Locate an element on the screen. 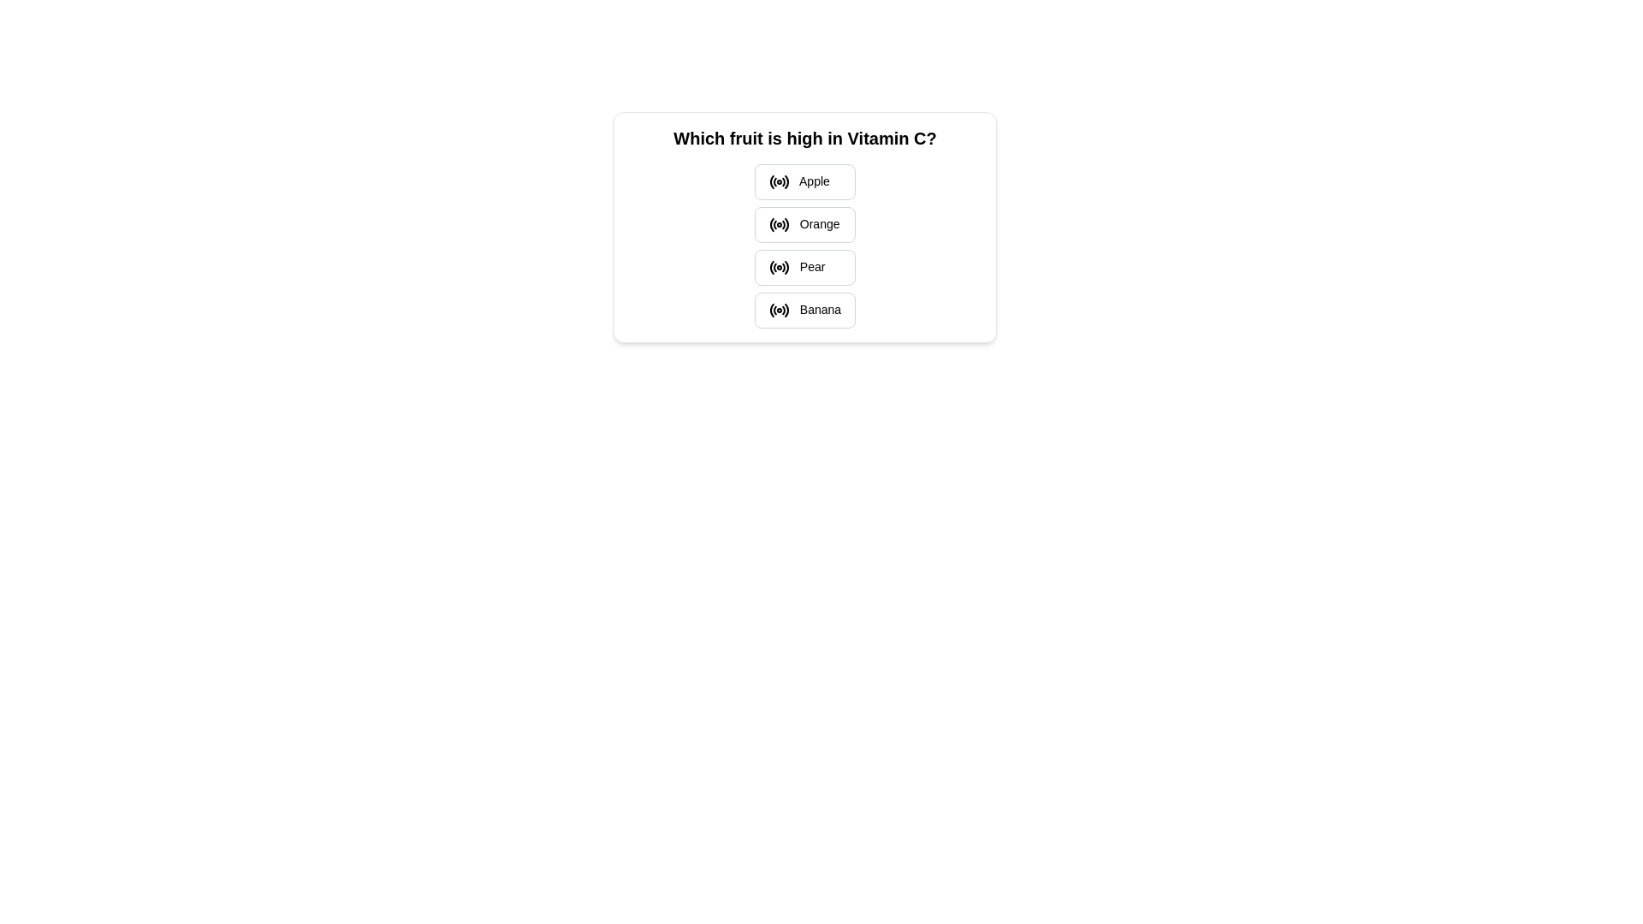 The image size is (1643, 924). the circular radio button styled to resemble a radio wave icon located to the left of the 'Banana' label, which is the fourth item in a vertical list under the question 'Which fruit is high in Vitamin C?' is located at coordinates (778, 310).